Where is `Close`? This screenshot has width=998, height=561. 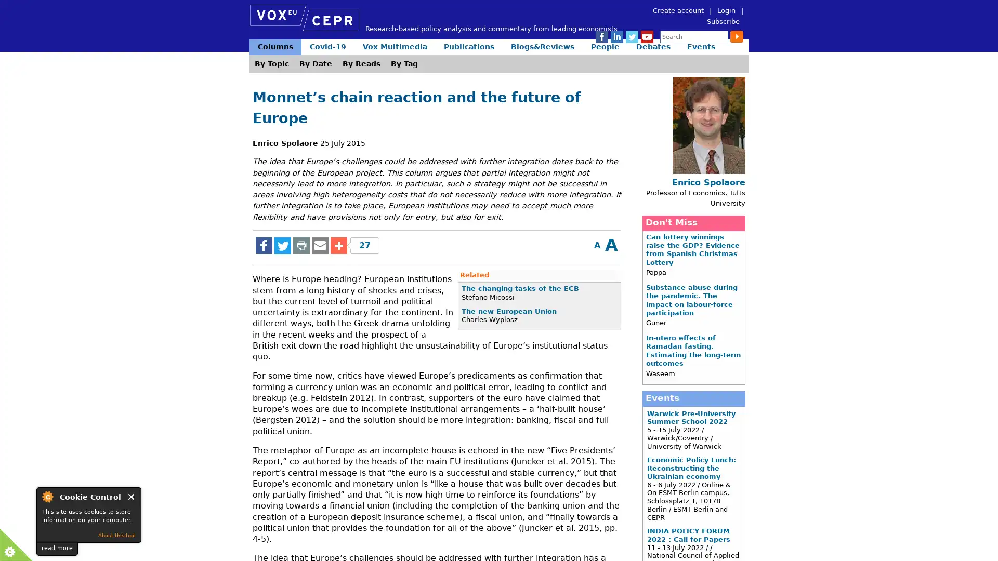
Close is located at coordinates (131, 496).